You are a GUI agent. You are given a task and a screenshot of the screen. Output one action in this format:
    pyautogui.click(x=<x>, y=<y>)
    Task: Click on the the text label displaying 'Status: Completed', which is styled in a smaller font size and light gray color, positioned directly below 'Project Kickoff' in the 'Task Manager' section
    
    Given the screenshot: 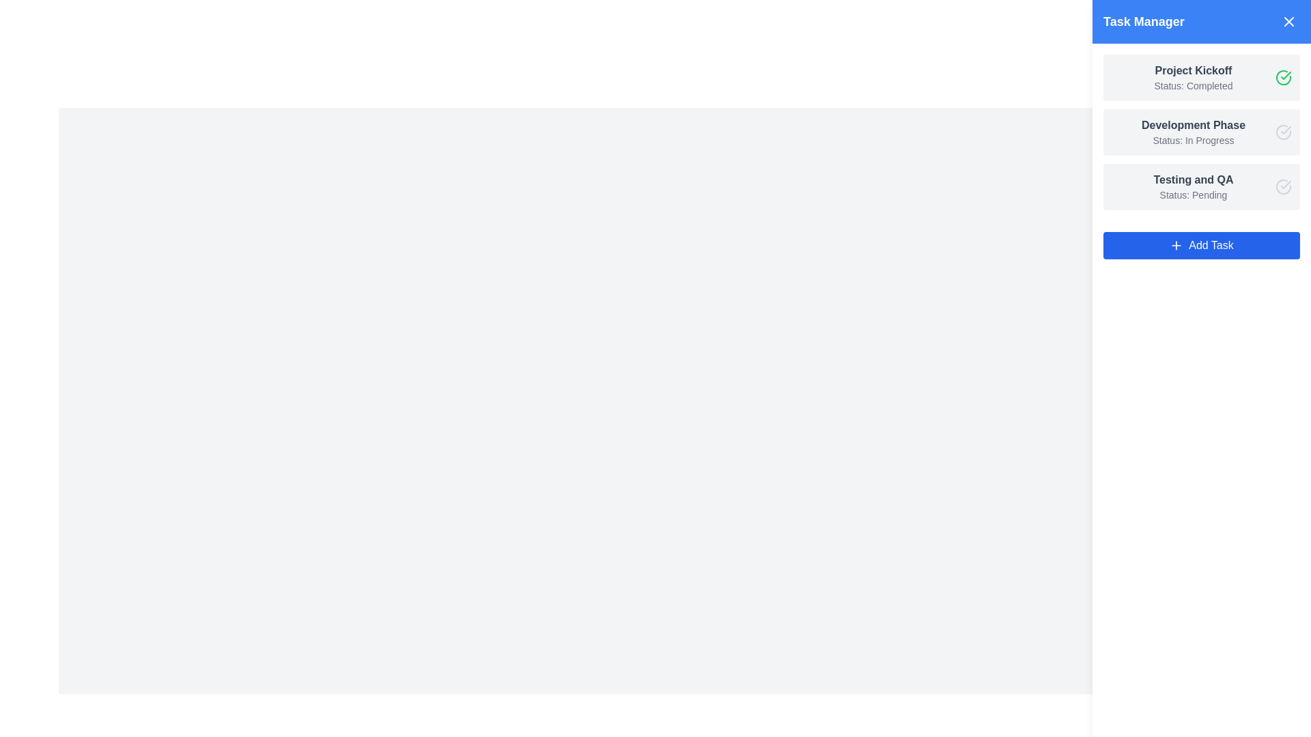 What is the action you would take?
    pyautogui.click(x=1192, y=86)
    